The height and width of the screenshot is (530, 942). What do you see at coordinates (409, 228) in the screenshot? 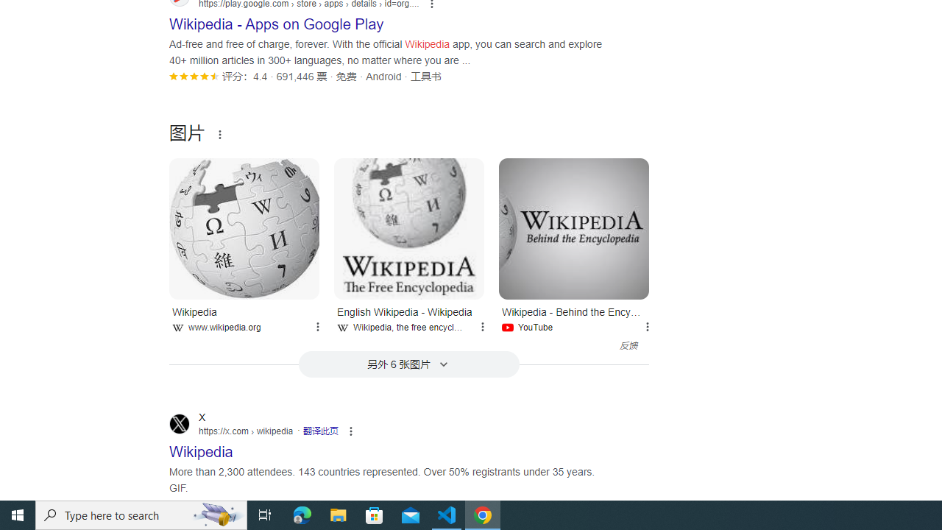
I see `'English Wikipedia - Wikipedia'` at bounding box center [409, 228].